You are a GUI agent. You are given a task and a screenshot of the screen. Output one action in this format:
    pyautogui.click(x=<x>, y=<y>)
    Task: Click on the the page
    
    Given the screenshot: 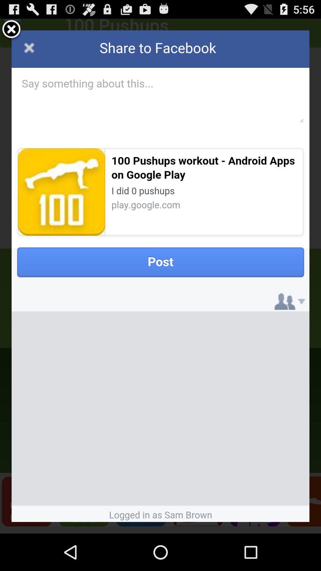 What is the action you would take?
    pyautogui.click(x=11, y=30)
    